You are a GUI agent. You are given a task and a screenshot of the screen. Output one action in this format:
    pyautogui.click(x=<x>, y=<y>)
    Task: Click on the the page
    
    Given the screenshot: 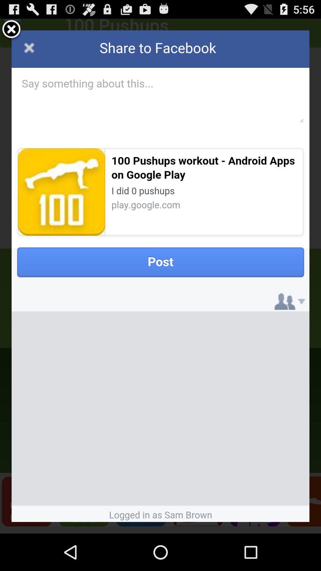 What is the action you would take?
    pyautogui.click(x=11, y=30)
    